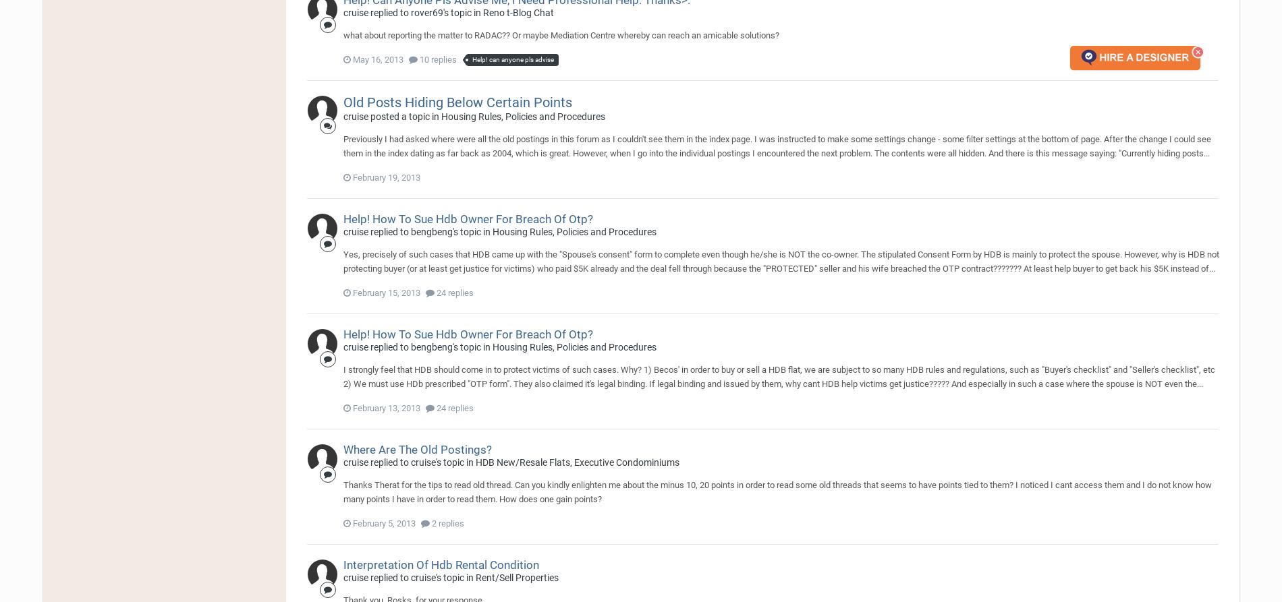 The width and height of the screenshot is (1282, 602). Describe the element at coordinates (777, 491) in the screenshot. I see `'Thanks Therat for the tips to read old thread. Can you kindly enlighten me about the minus 10, 20 points in order to read some old threads that seems to have points tied to them?  I noticed I cant access them and I do not know how many points I have in order to read them.  How does one gain points?'` at that location.